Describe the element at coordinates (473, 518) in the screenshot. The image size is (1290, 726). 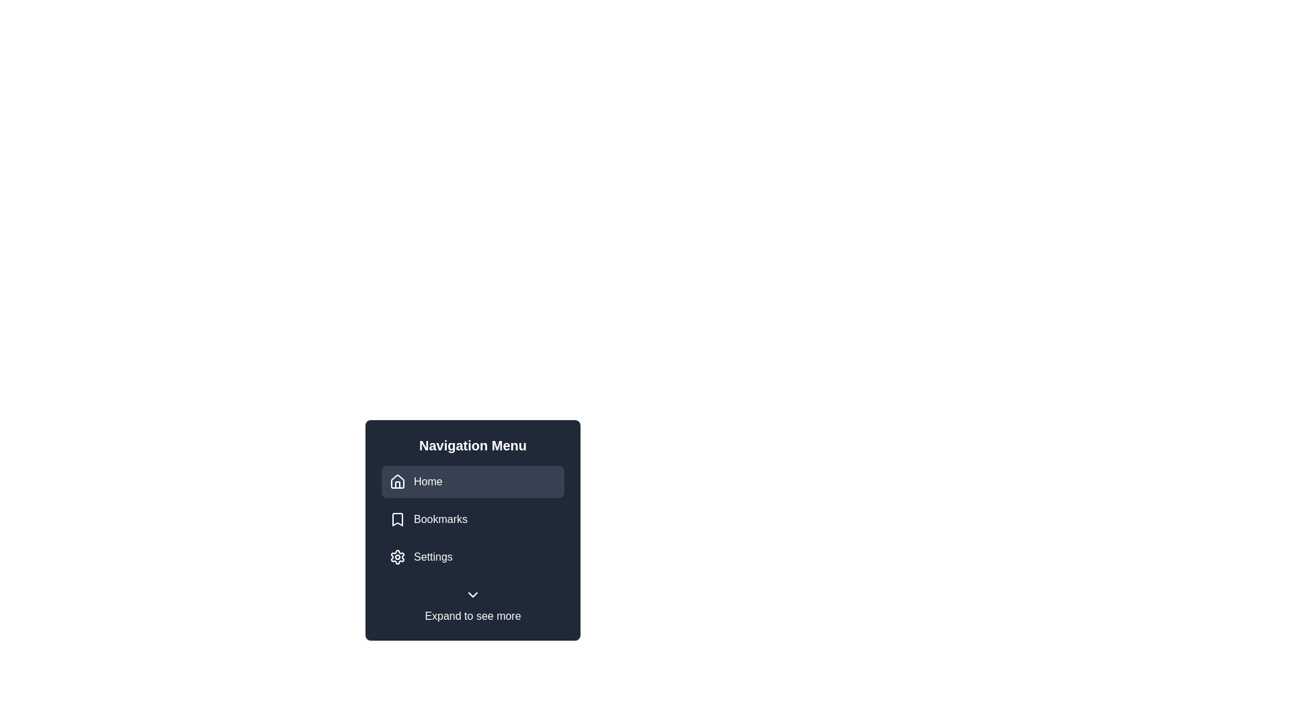
I see `the 'Bookmarks' menu item in the Navigation Menu` at that location.